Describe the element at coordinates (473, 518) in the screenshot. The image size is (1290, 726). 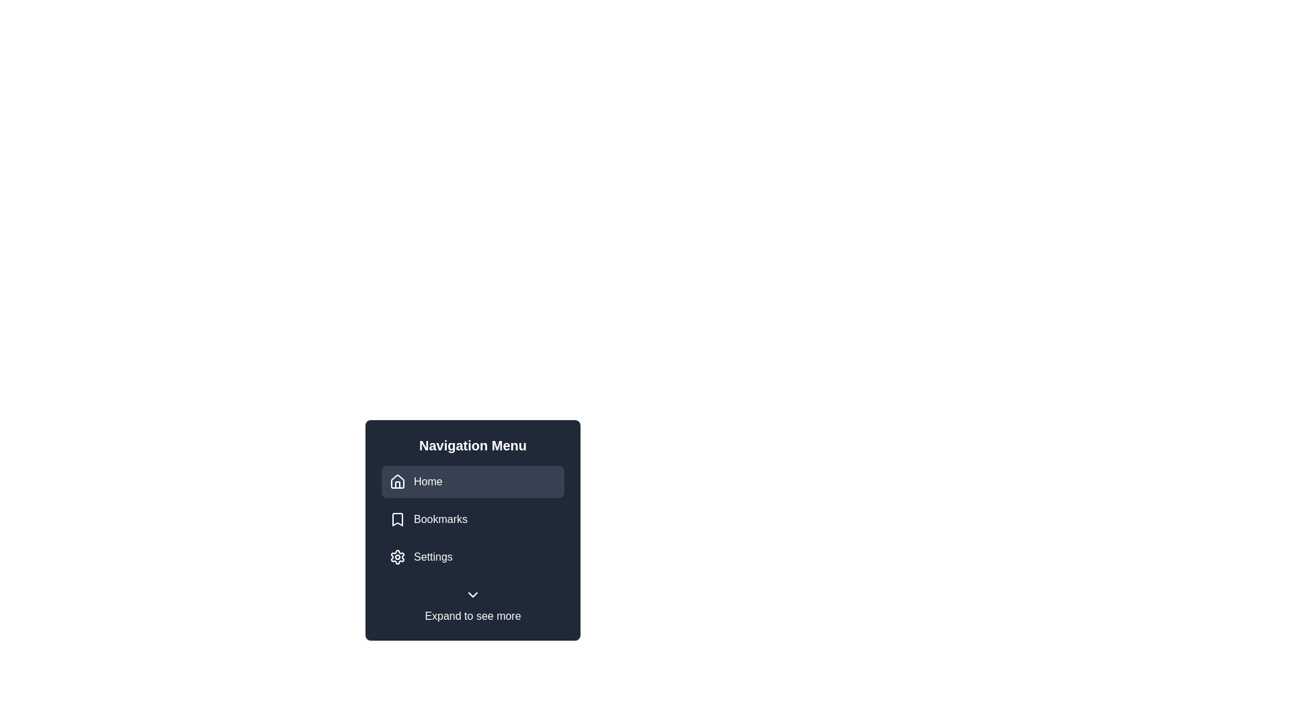
I see `the 'Bookmarks' menu item in the Navigation Menu` at that location.